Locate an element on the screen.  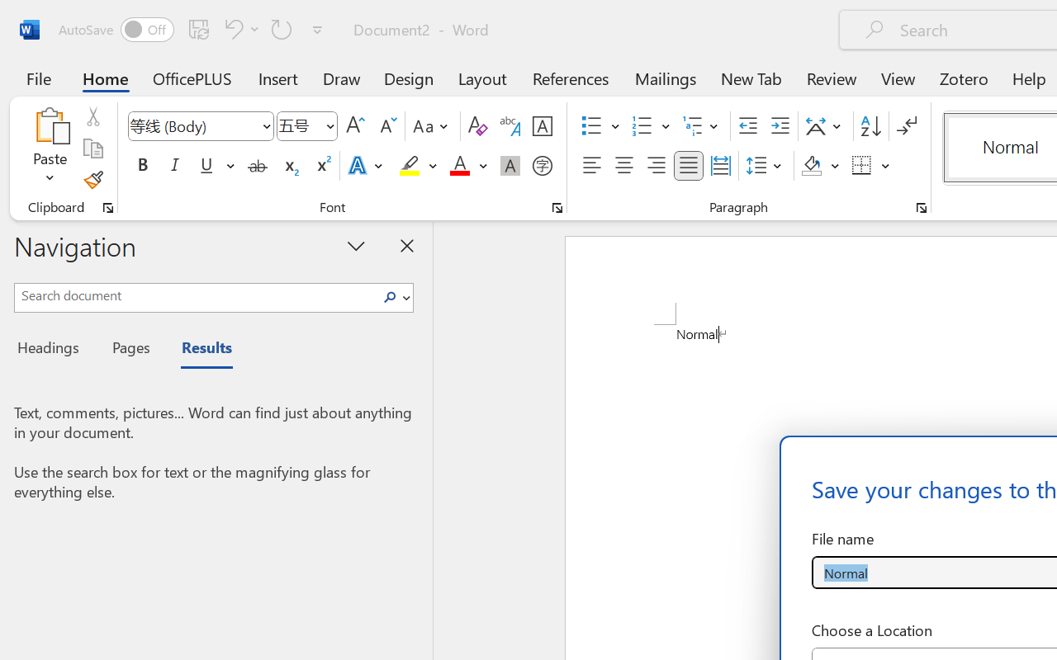
'Shrink Font' is located at coordinates (386, 126).